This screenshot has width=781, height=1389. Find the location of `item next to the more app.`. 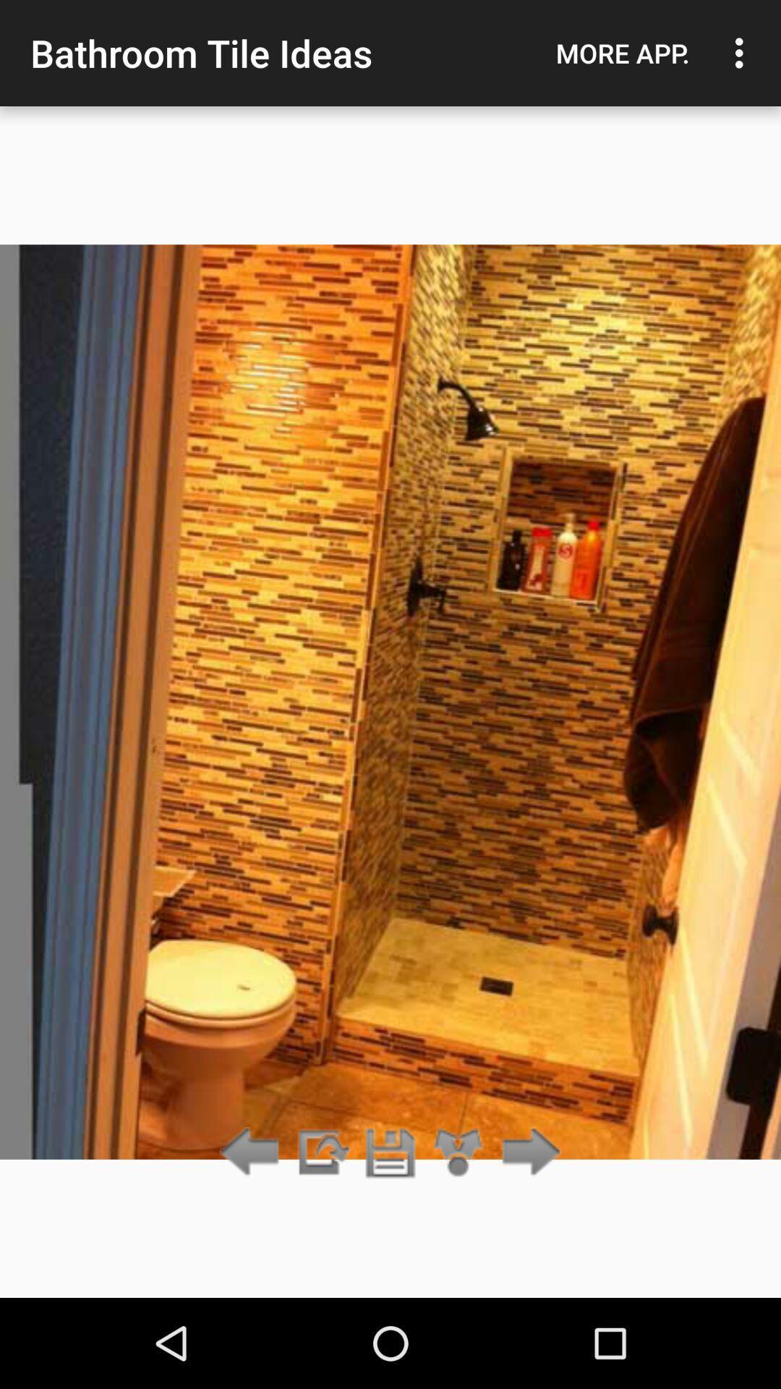

item next to the more app. is located at coordinates (743, 53).